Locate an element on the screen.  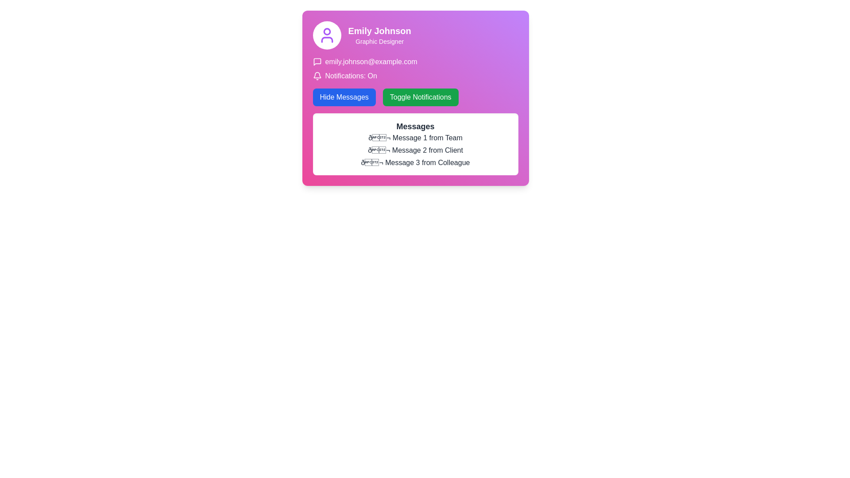
the user profile icon circle which represents the head of a generic user, located at the top left area of the card is located at coordinates (326, 31).